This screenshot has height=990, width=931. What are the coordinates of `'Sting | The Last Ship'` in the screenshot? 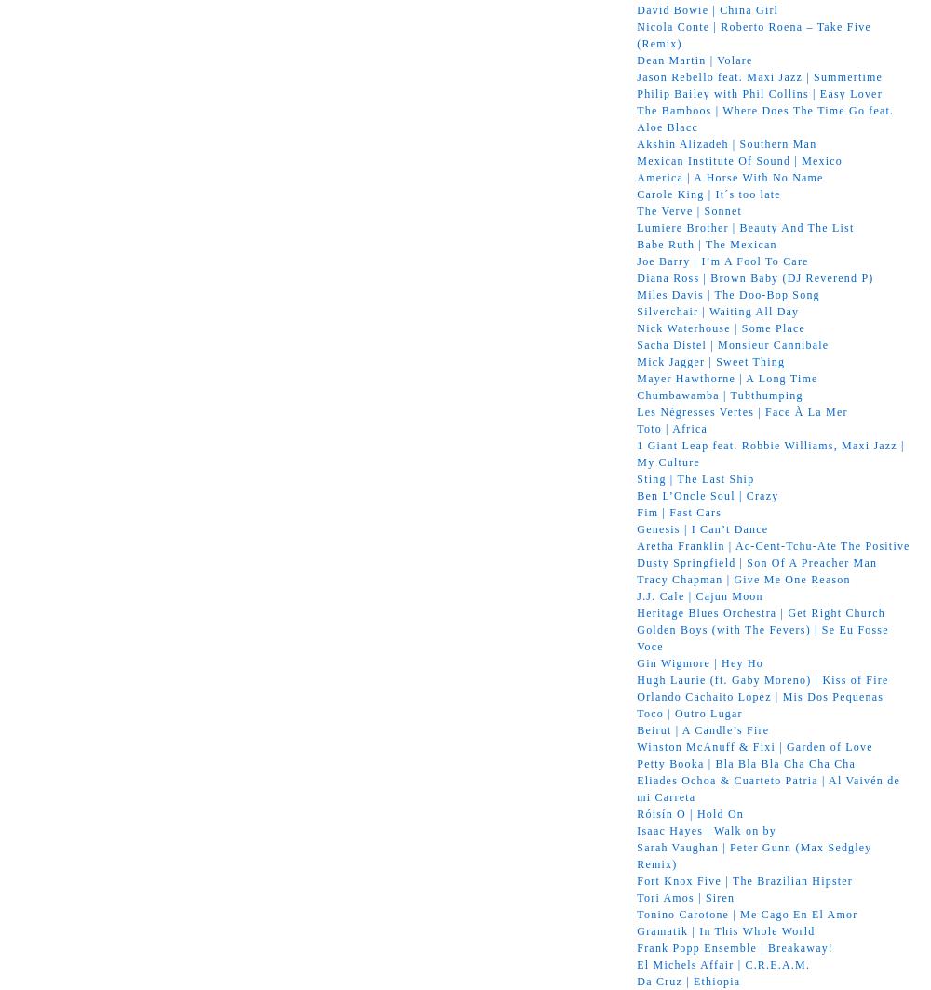 It's located at (695, 478).